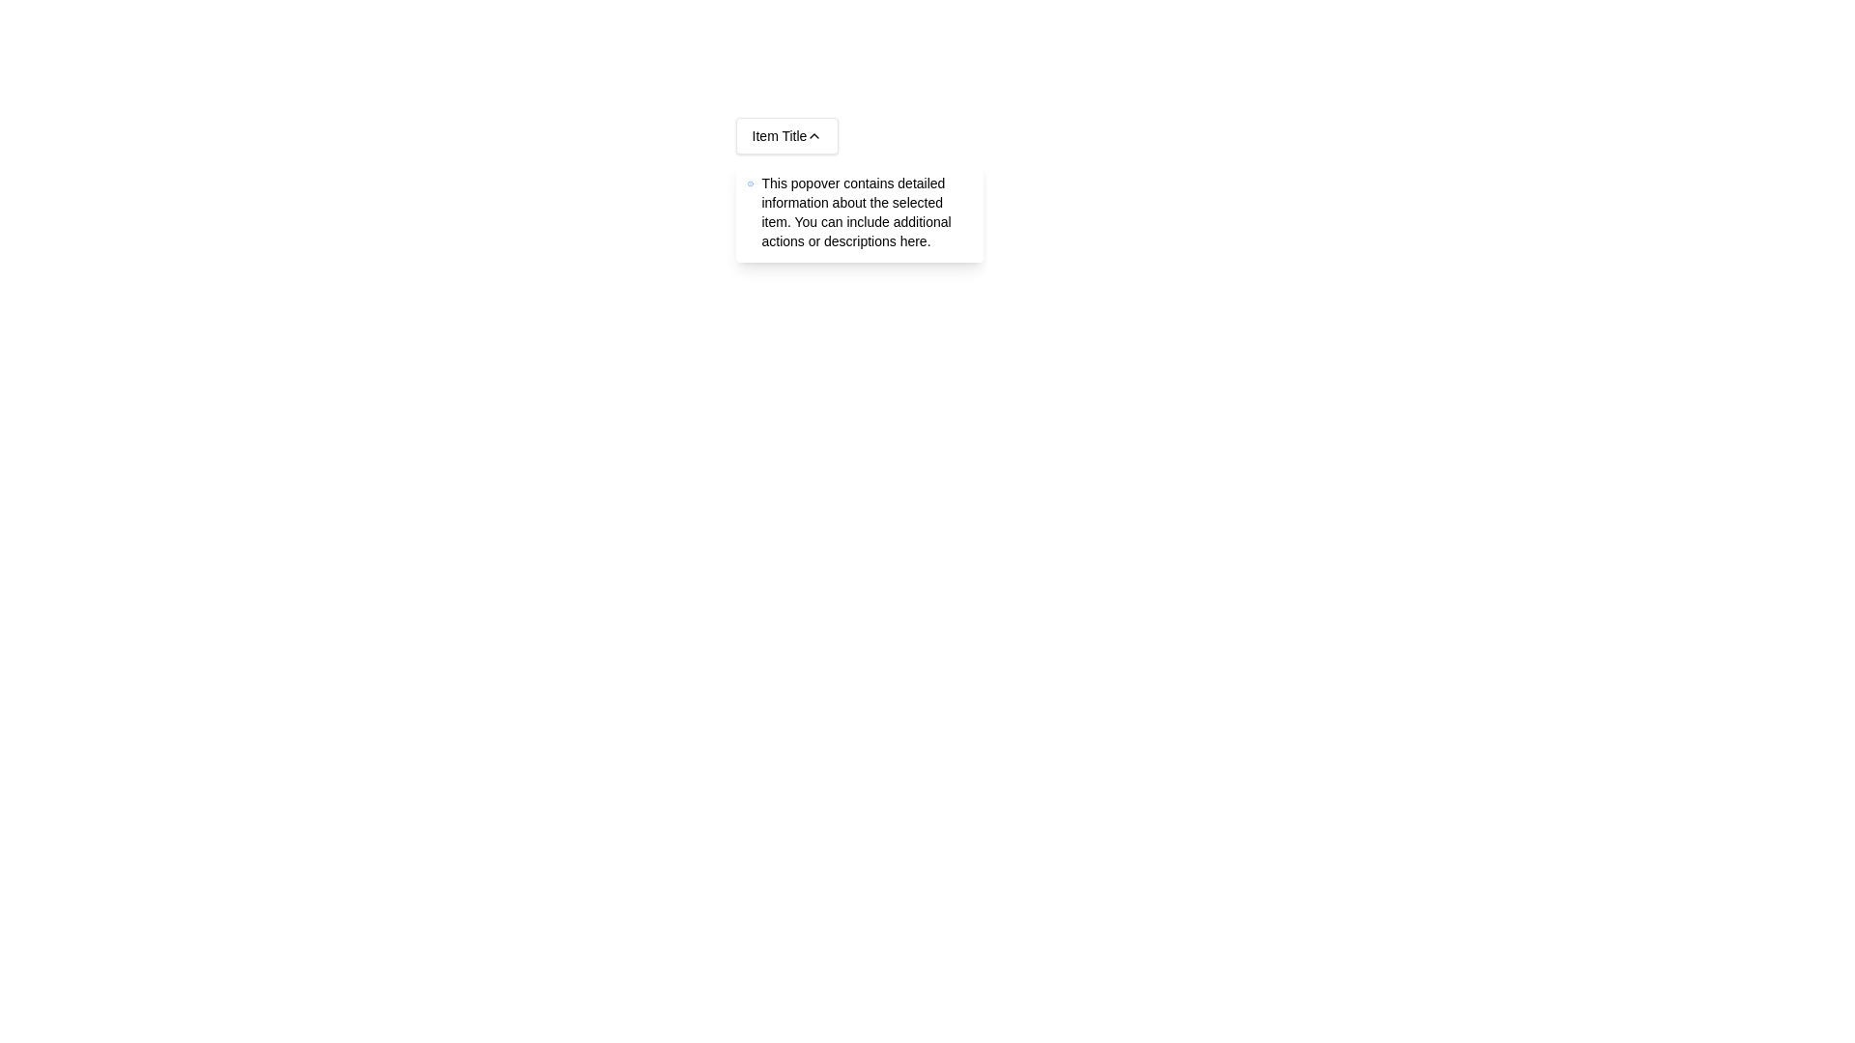  Describe the element at coordinates (866, 211) in the screenshot. I see `text block that contains detailed information about the selected item, which is styled with a smaller font size and located below the title in the popover` at that location.